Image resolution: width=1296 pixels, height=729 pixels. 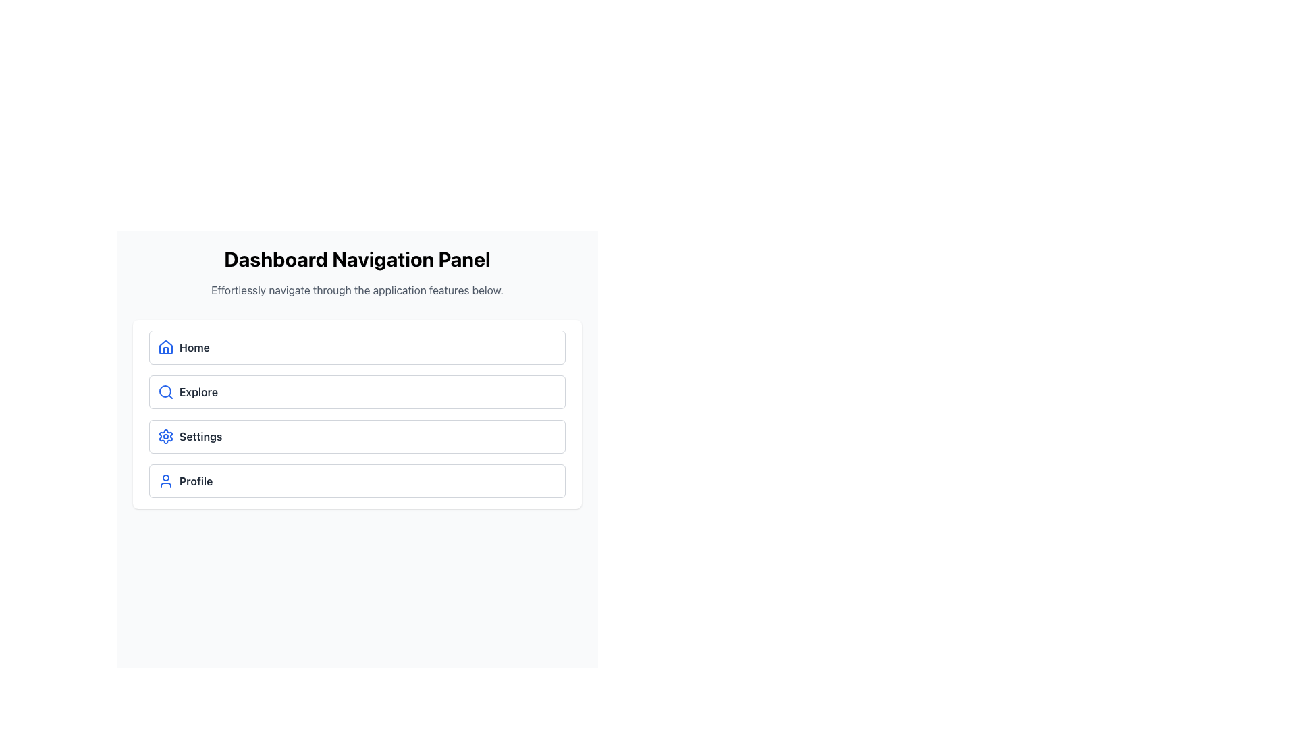 What do you see at coordinates (164, 391) in the screenshot?
I see `the circular vector graphic resembling a magnifying glass's lens, which is part of the 'search' icon located next to the 'Explore' navigation option` at bounding box center [164, 391].